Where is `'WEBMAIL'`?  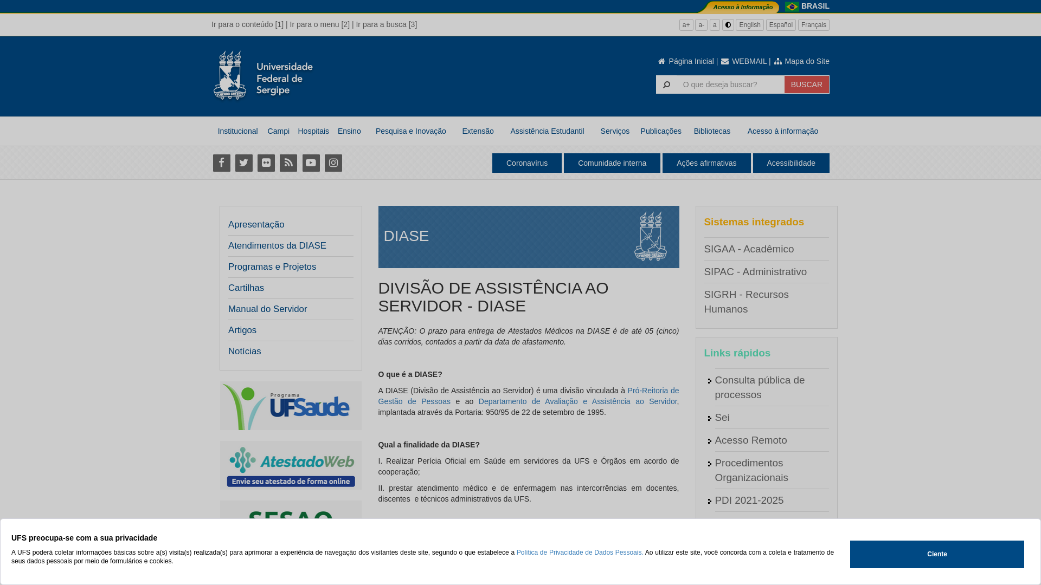
'WEBMAIL' is located at coordinates (743, 61).